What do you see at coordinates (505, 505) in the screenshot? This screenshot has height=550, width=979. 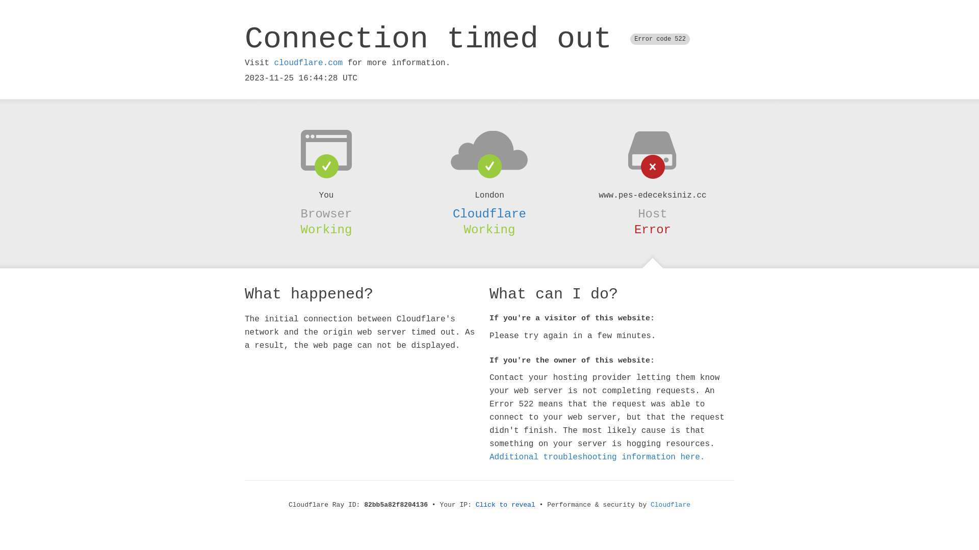 I see `'Click to reveal'` at bounding box center [505, 505].